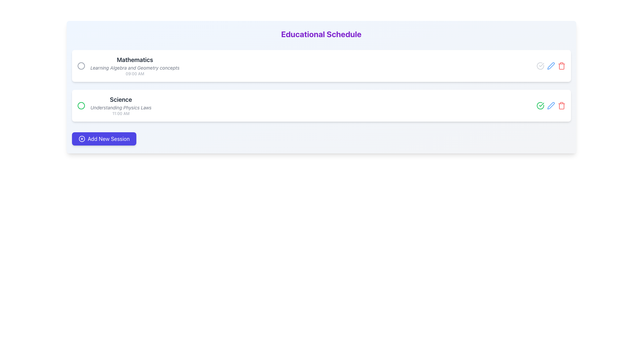 This screenshot has height=358, width=637. Describe the element at coordinates (551, 66) in the screenshot. I see `the second icon button in the horizontal set of controls to the right of the 'Mathematics' record to initiate editing` at that location.